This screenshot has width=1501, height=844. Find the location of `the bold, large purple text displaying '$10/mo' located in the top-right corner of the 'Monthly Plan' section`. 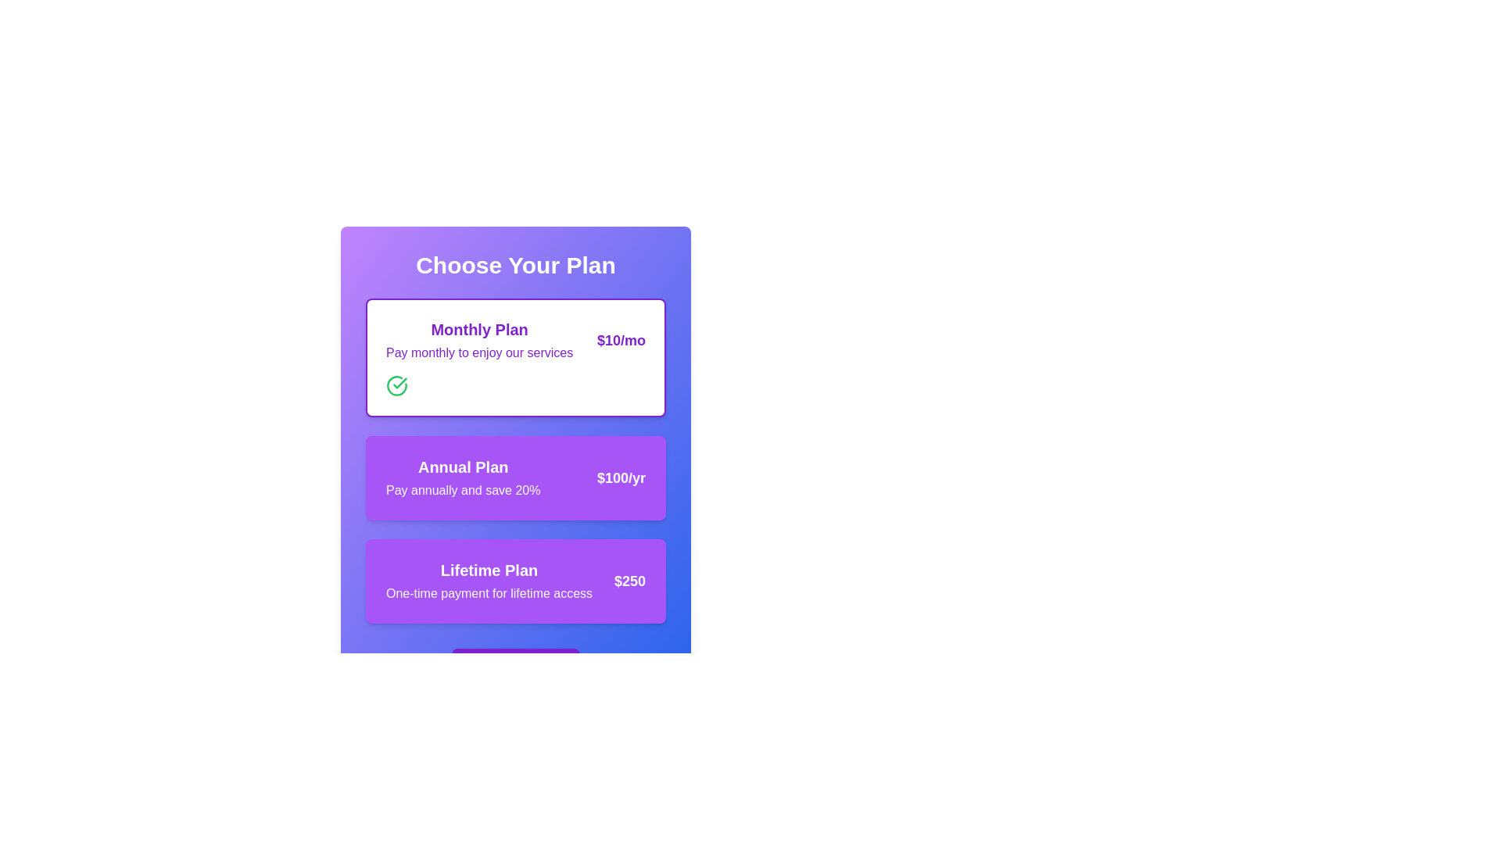

the bold, large purple text displaying '$10/mo' located in the top-right corner of the 'Monthly Plan' section is located at coordinates (621, 339).